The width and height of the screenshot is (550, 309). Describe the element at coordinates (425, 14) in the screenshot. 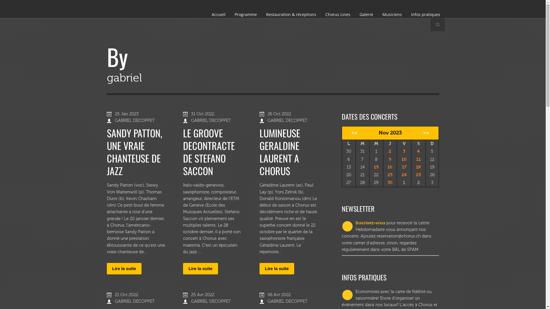

I see `'Infos pratiques'` at that location.